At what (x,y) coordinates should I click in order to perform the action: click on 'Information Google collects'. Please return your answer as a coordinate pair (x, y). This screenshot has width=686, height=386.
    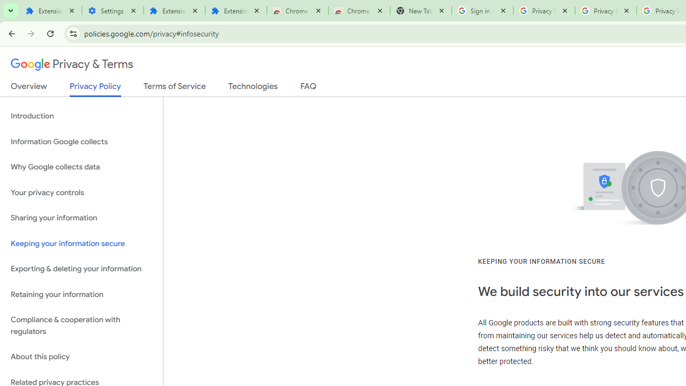
    Looking at the image, I should click on (81, 141).